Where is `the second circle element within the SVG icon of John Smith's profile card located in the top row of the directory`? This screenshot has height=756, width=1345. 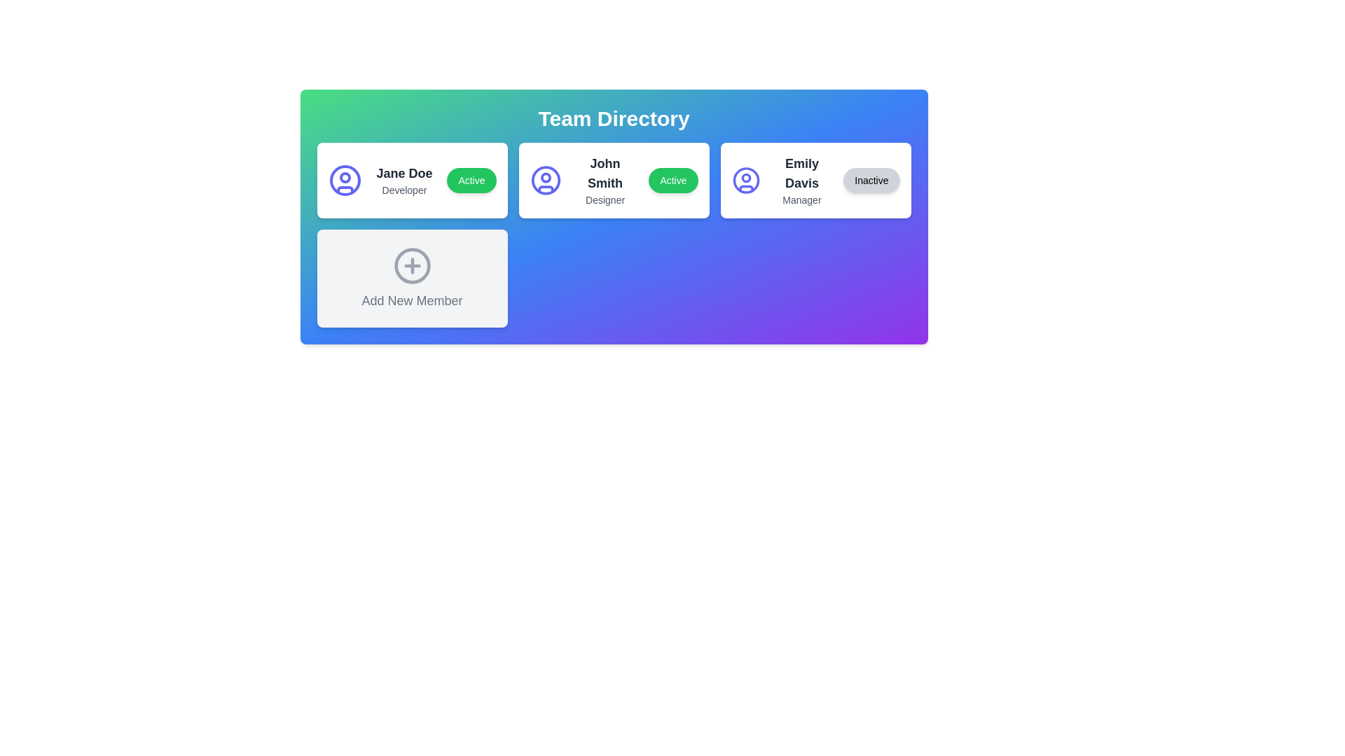 the second circle element within the SVG icon of John Smith's profile card located in the top row of the directory is located at coordinates (545, 177).